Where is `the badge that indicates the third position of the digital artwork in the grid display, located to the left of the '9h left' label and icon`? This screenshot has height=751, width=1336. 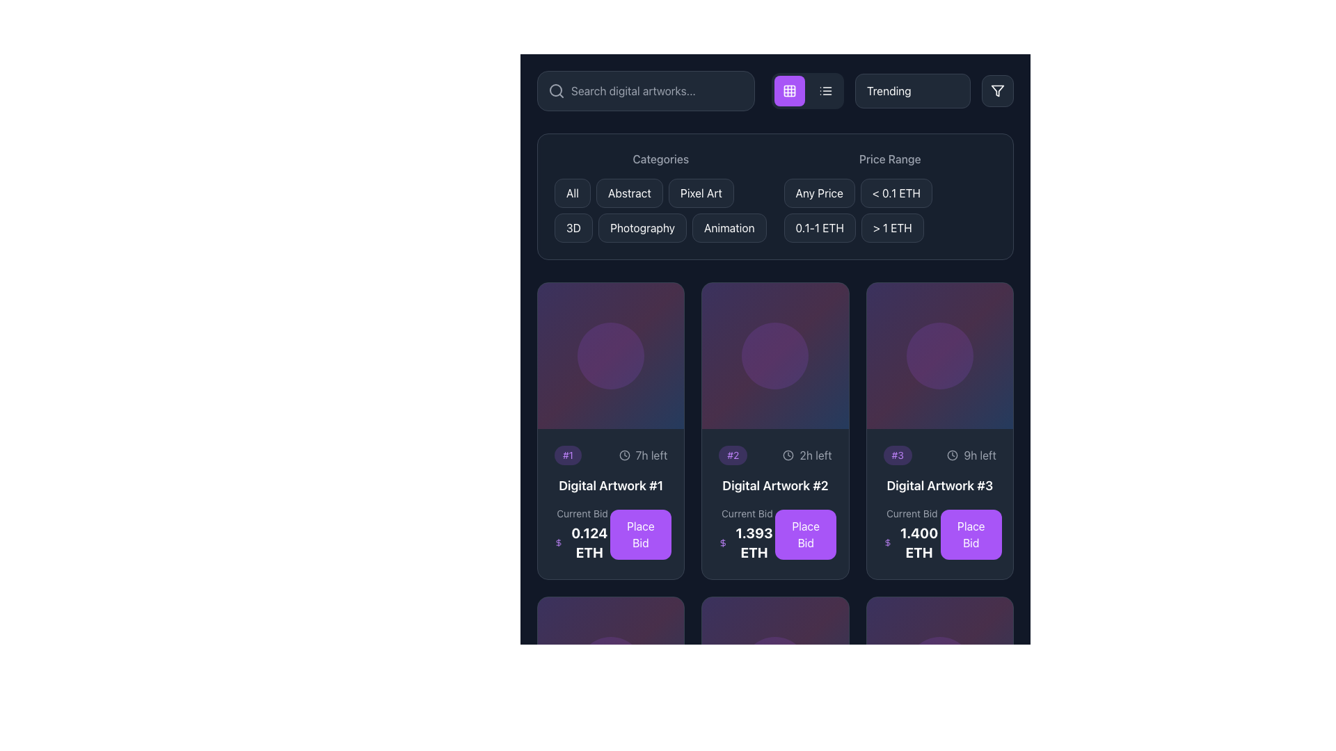
the badge that indicates the third position of the digital artwork in the grid display, located to the left of the '9h left' label and icon is located at coordinates (898, 455).